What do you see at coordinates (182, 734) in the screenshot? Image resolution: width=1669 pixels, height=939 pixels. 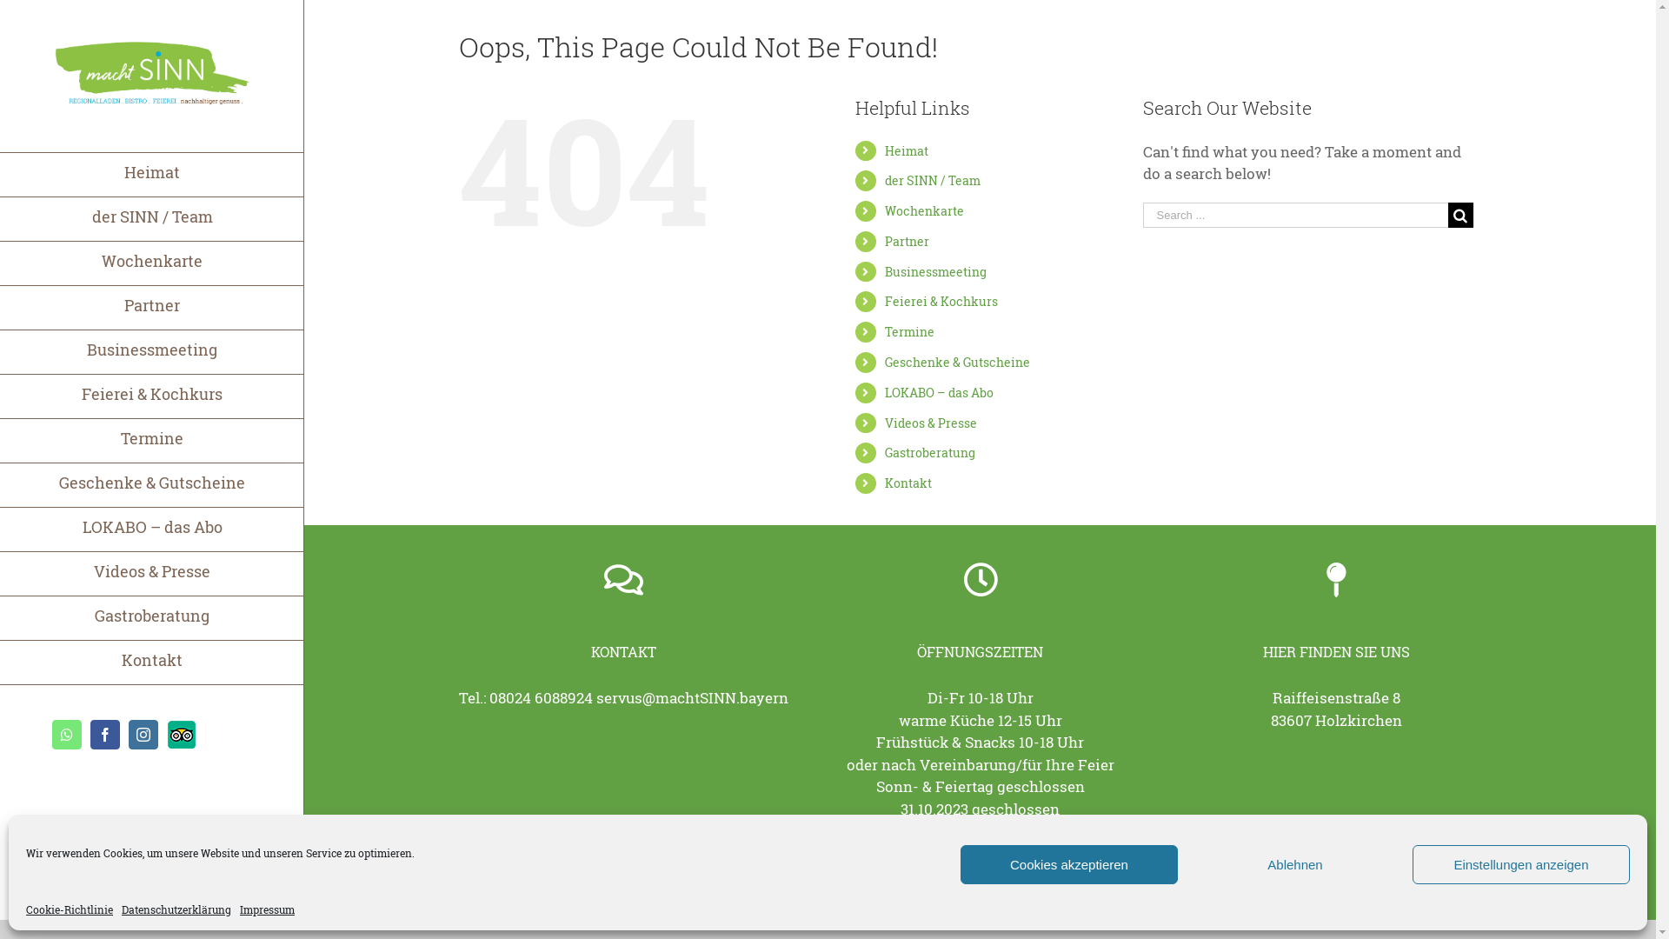 I see `'Tripadvisor'` at bounding box center [182, 734].